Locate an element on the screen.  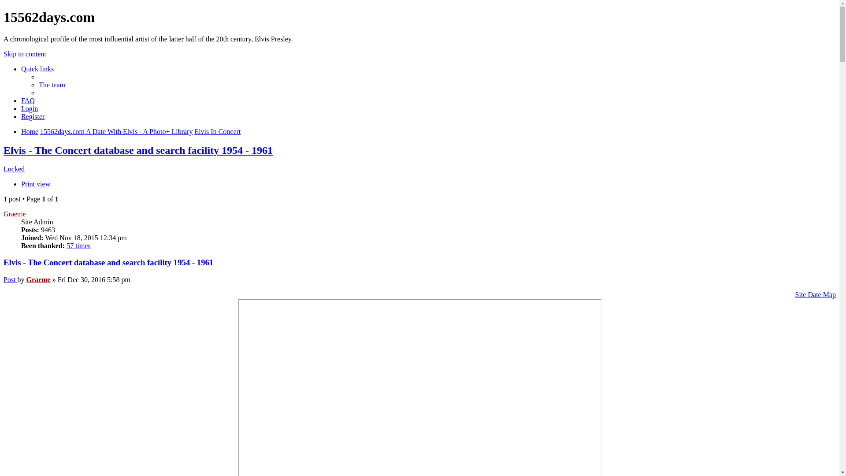
'Elvis In Concert' is located at coordinates (194, 131).